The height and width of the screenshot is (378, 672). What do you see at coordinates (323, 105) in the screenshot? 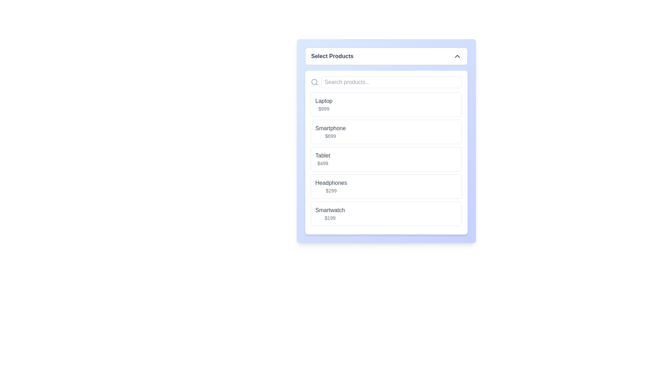
I see `the first item in the product list, which displays the product name 'Laptop' and its price '$999'` at bounding box center [323, 105].